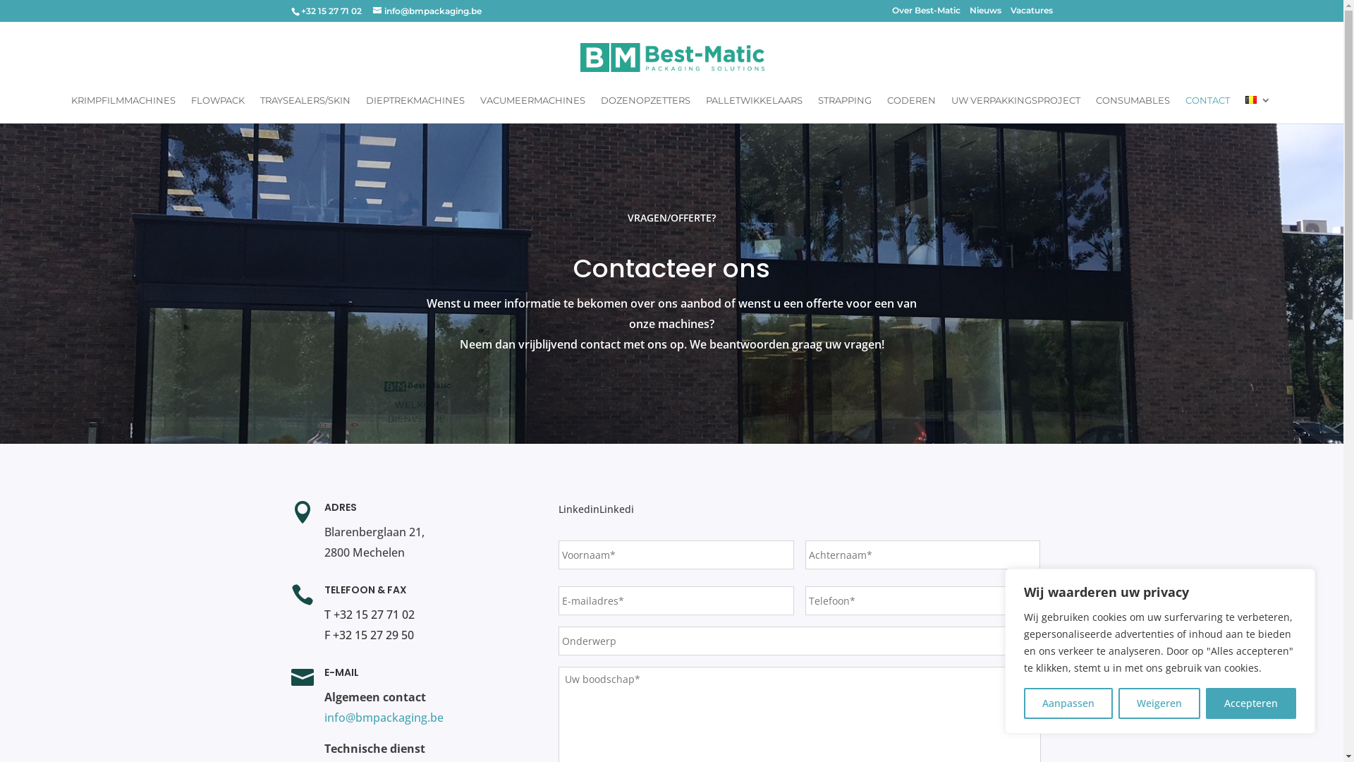 The image size is (1354, 762). I want to click on 'Weigeren', so click(1159, 703).